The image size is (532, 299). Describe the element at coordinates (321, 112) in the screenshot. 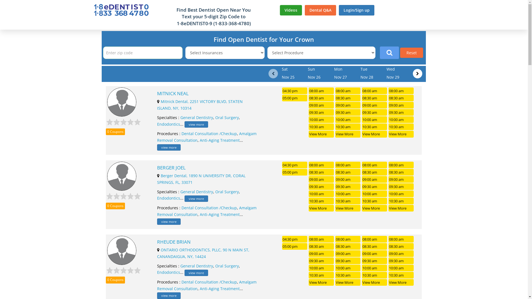

I see `'09:30 am'` at that location.